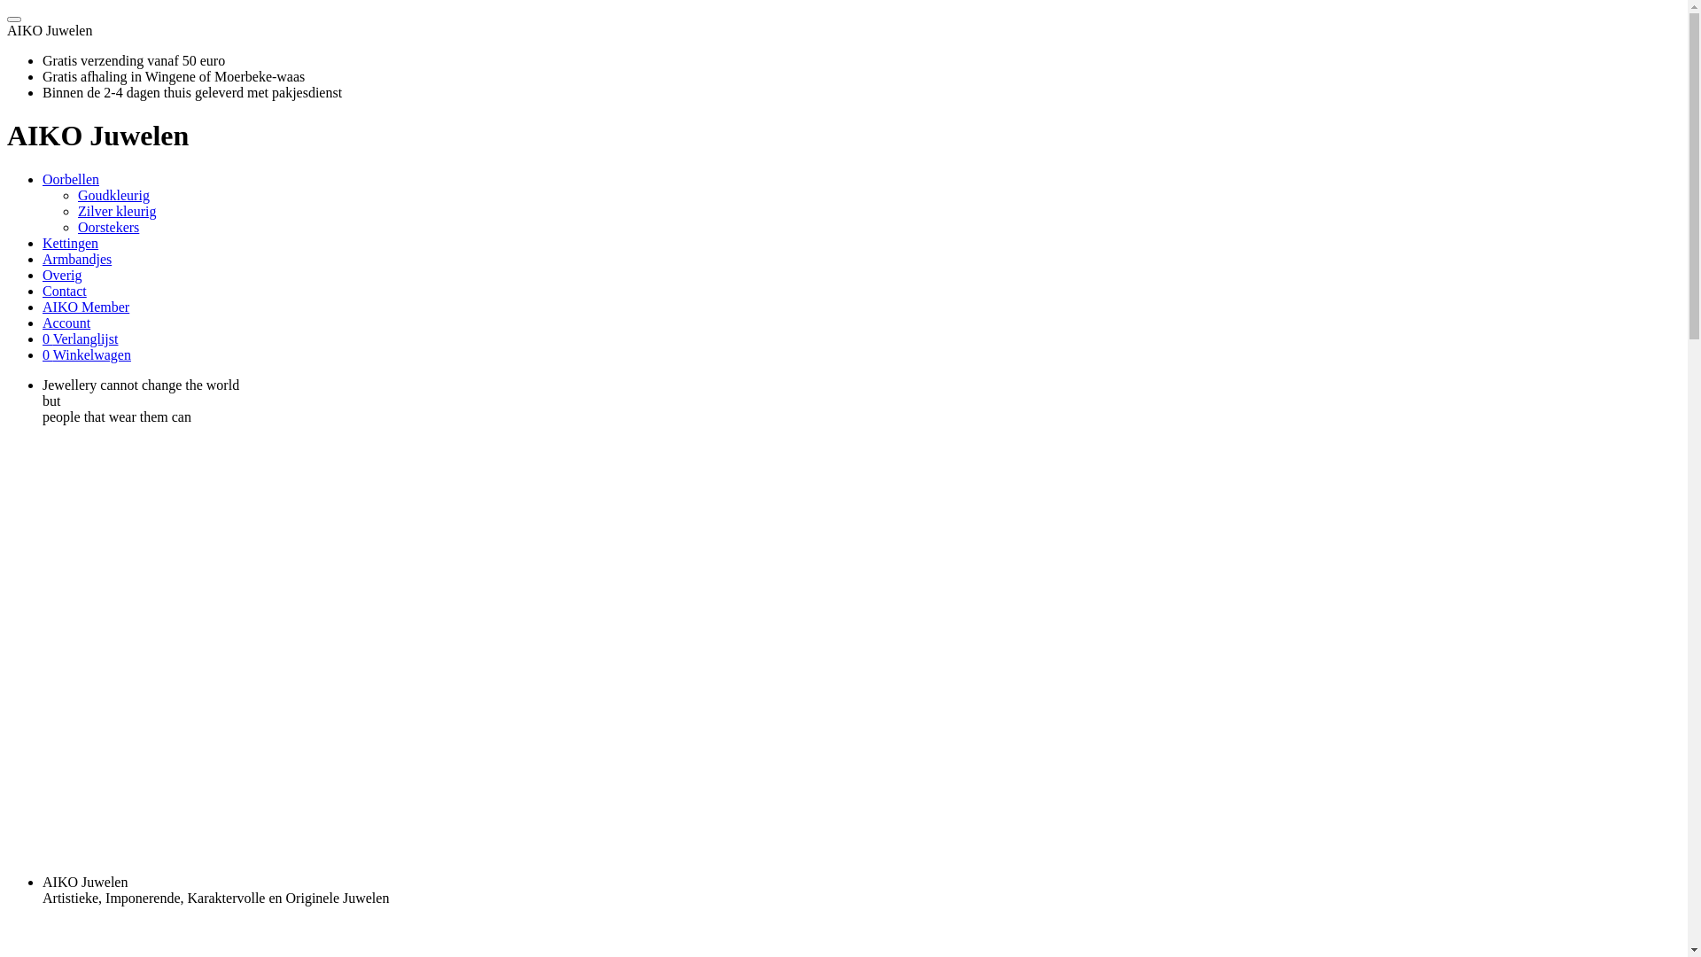 This screenshot has height=957, width=1701. I want to click on 'Kettingen', so click(70, 243).